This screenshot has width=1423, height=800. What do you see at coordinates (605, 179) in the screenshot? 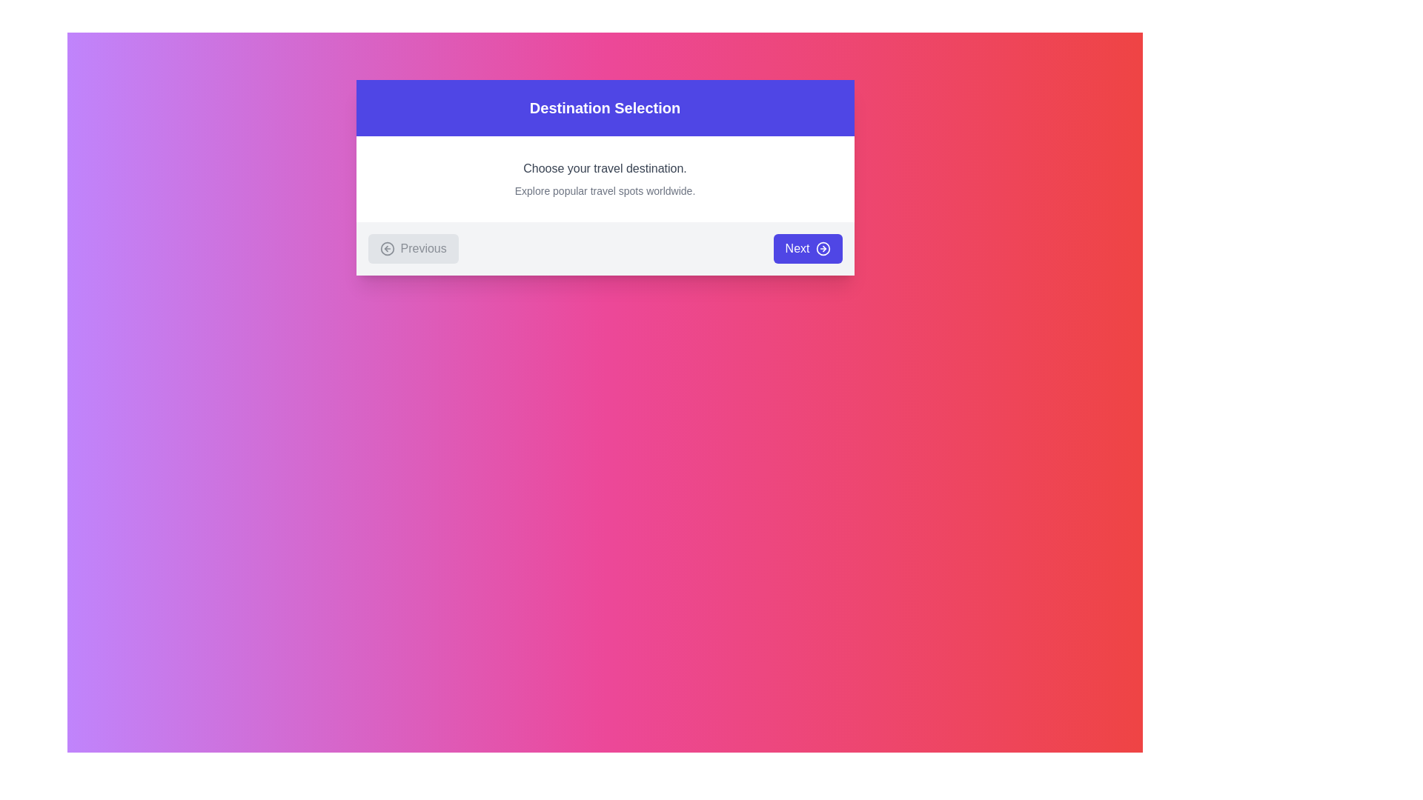
I see `the Text display area that prompts 'Choose your travel destination' and includes the subheading 'Explore popular travel spots worldwide'` at bounding box center [605, 179].